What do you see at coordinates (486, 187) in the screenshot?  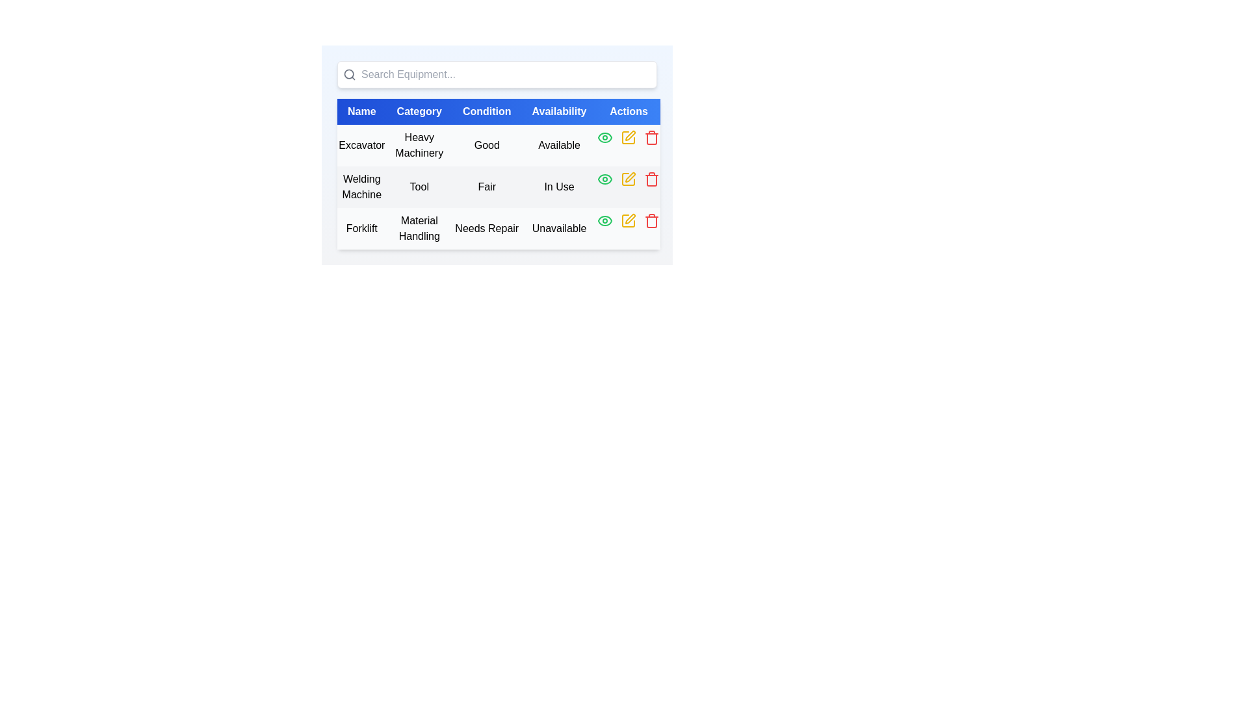 I see `the bold text label displaying the word 'Fair' which is centered in its cell in the third column of the second row of a table` at bounding box center [486, 187].